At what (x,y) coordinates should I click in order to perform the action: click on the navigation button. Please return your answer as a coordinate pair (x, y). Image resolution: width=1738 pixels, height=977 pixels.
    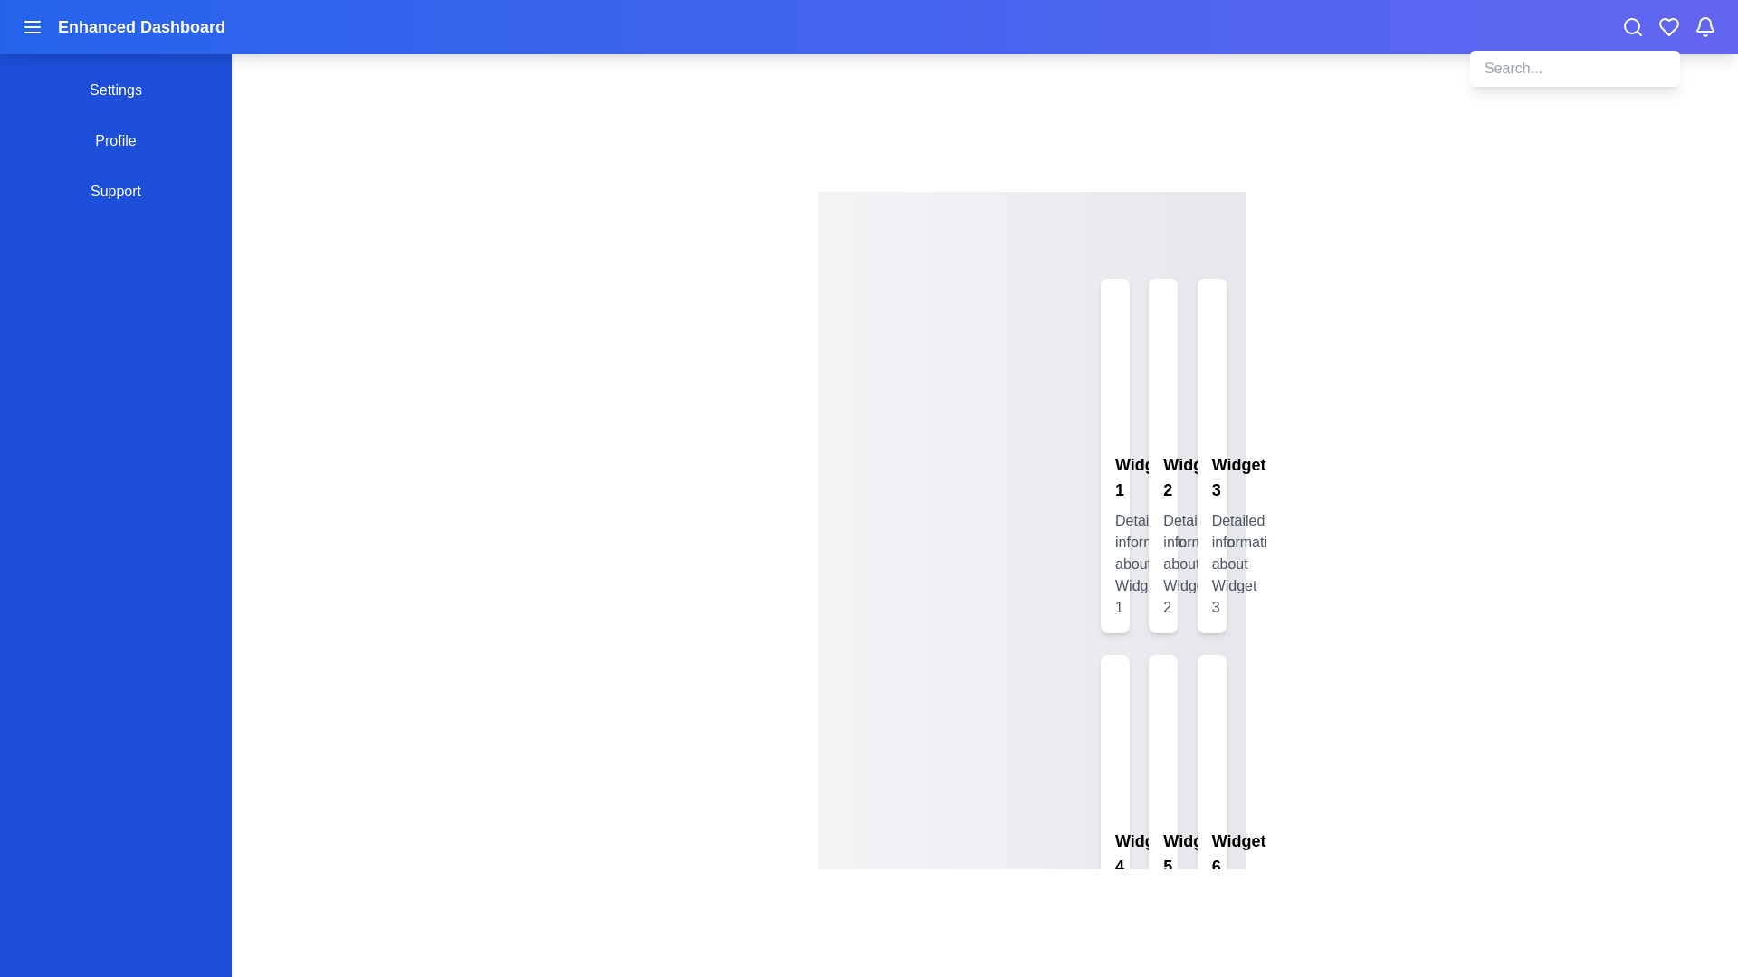
    Looking at the image, I should click on (115, 139).